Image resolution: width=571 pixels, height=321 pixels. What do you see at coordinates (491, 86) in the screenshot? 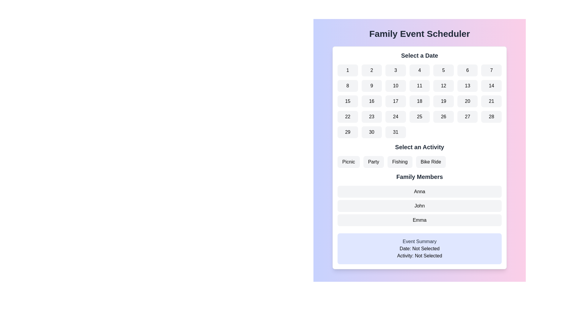
I see `the button displaying the number '14', which is the seventh button in the second row of the grid under the 'Select a Date' header` at bounding box center [491, 86].